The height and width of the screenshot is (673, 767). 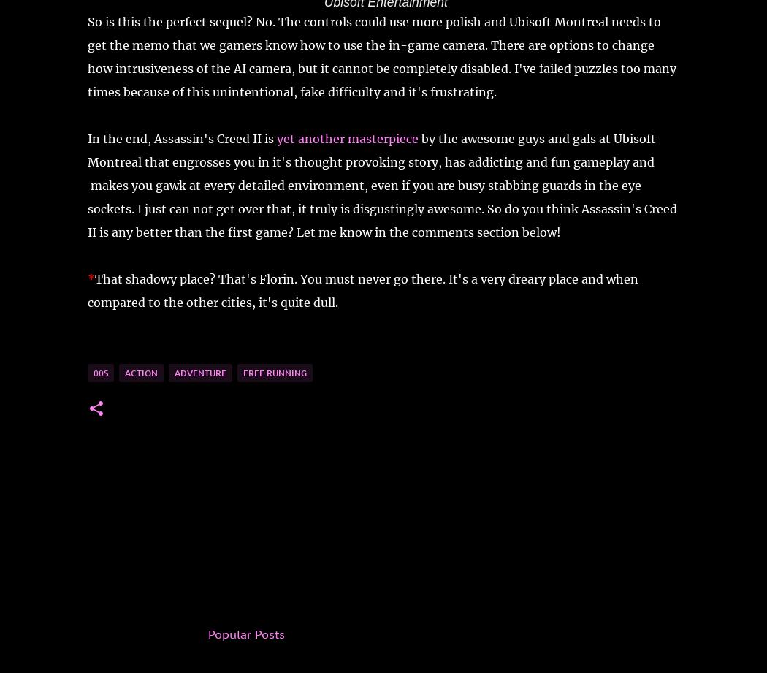 What do you see at coordinates (199, 371) in the screenshot?
I see `'adventure'` at bounding box center [199, 371].